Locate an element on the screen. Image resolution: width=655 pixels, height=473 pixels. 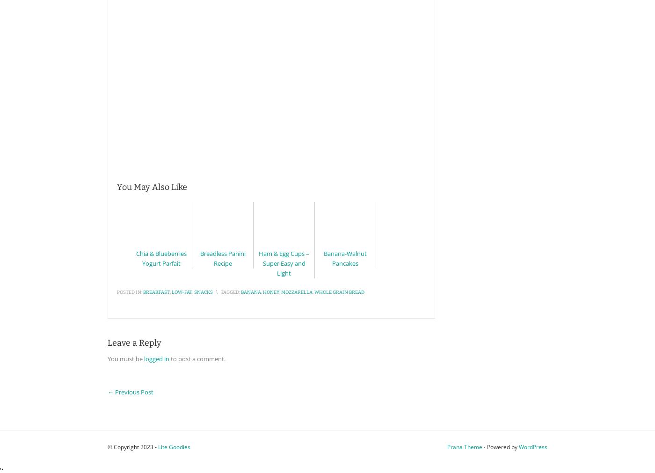
'Leave a Reply' is located at coordinates (134, 342).